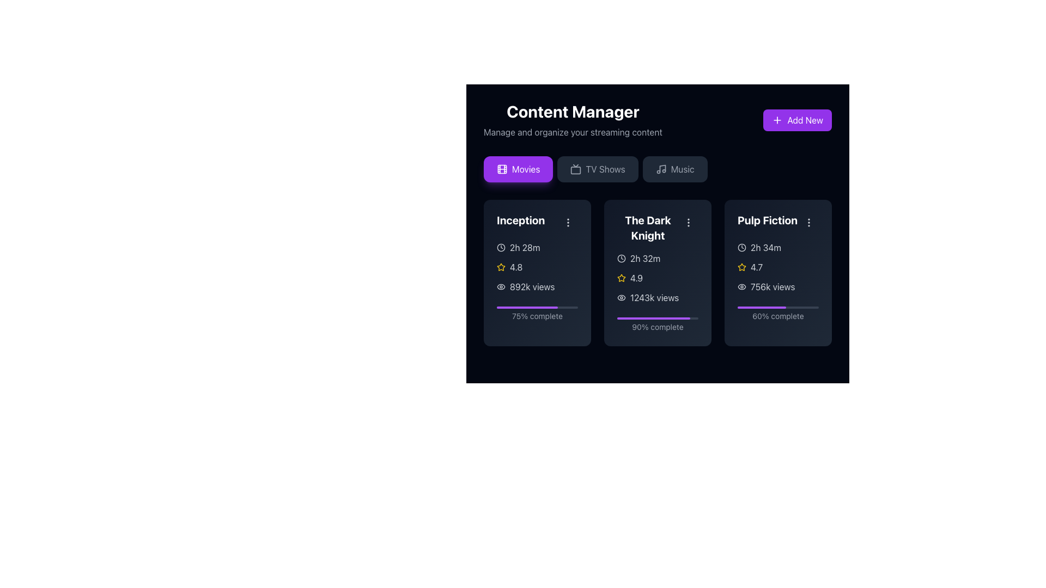 Image resolution: width=1046 pixels, height=588 pixels. I want to click on the text display showing '892k views' in light gray color, located below the rating of the movie 'Inception' and adjacent to the eye icon, so click(532, 286).